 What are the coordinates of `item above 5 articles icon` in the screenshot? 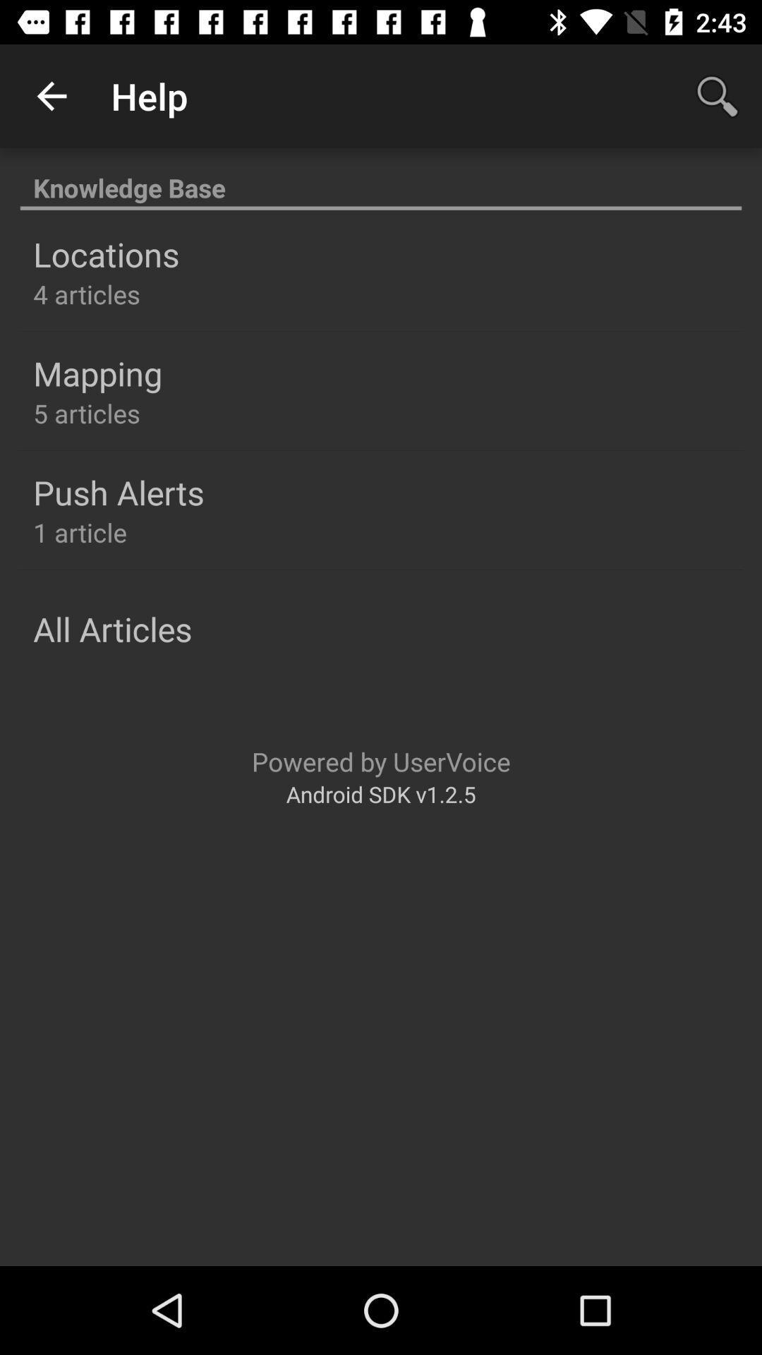 It's located at (97, 373).